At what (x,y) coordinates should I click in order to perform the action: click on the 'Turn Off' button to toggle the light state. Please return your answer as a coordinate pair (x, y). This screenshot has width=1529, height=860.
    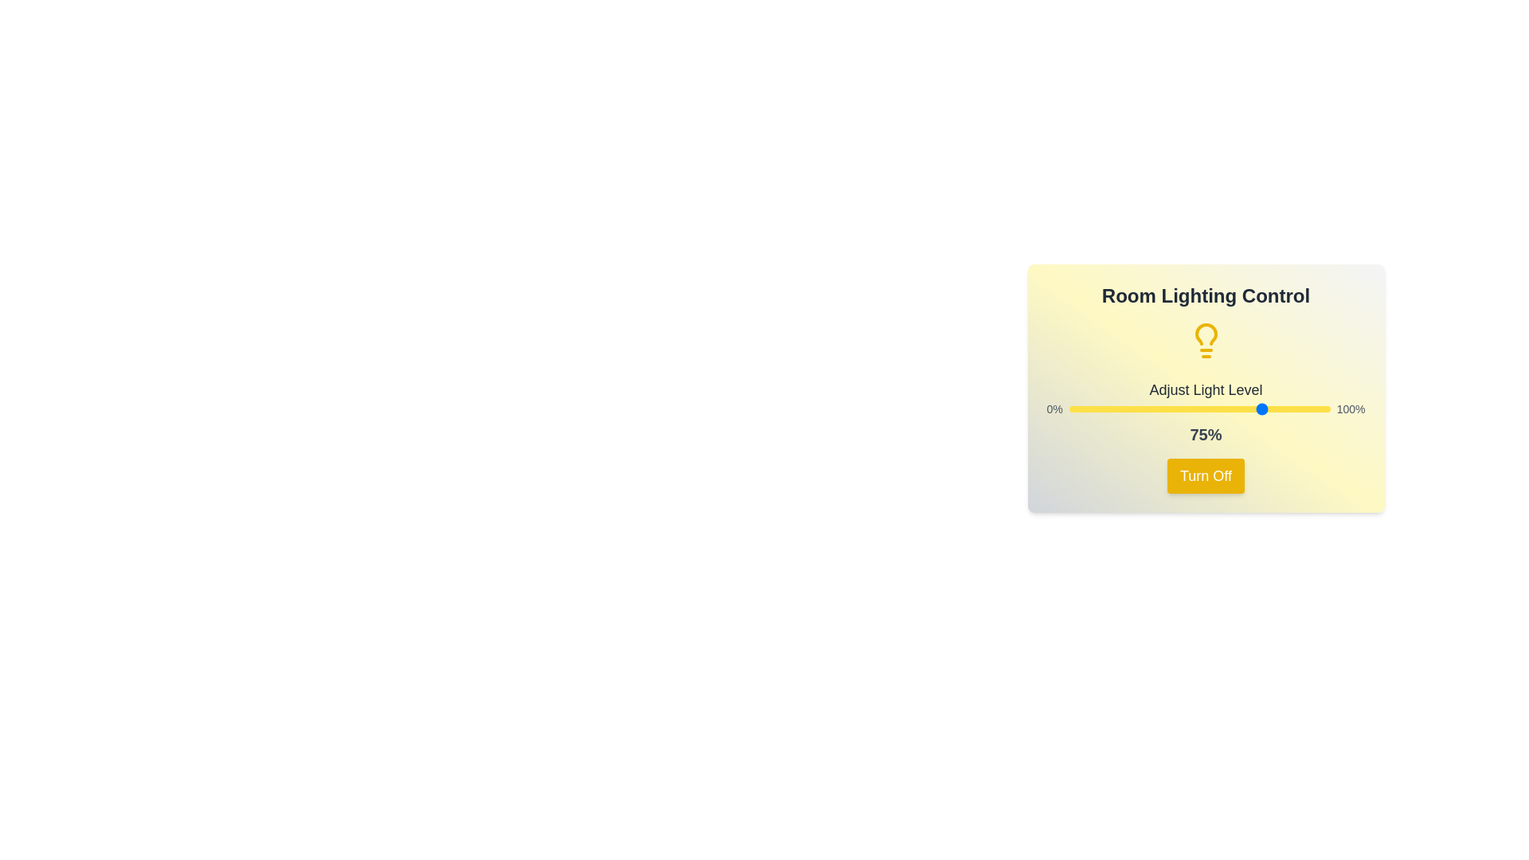
    Looking at the image, I should click on (1206, 475).